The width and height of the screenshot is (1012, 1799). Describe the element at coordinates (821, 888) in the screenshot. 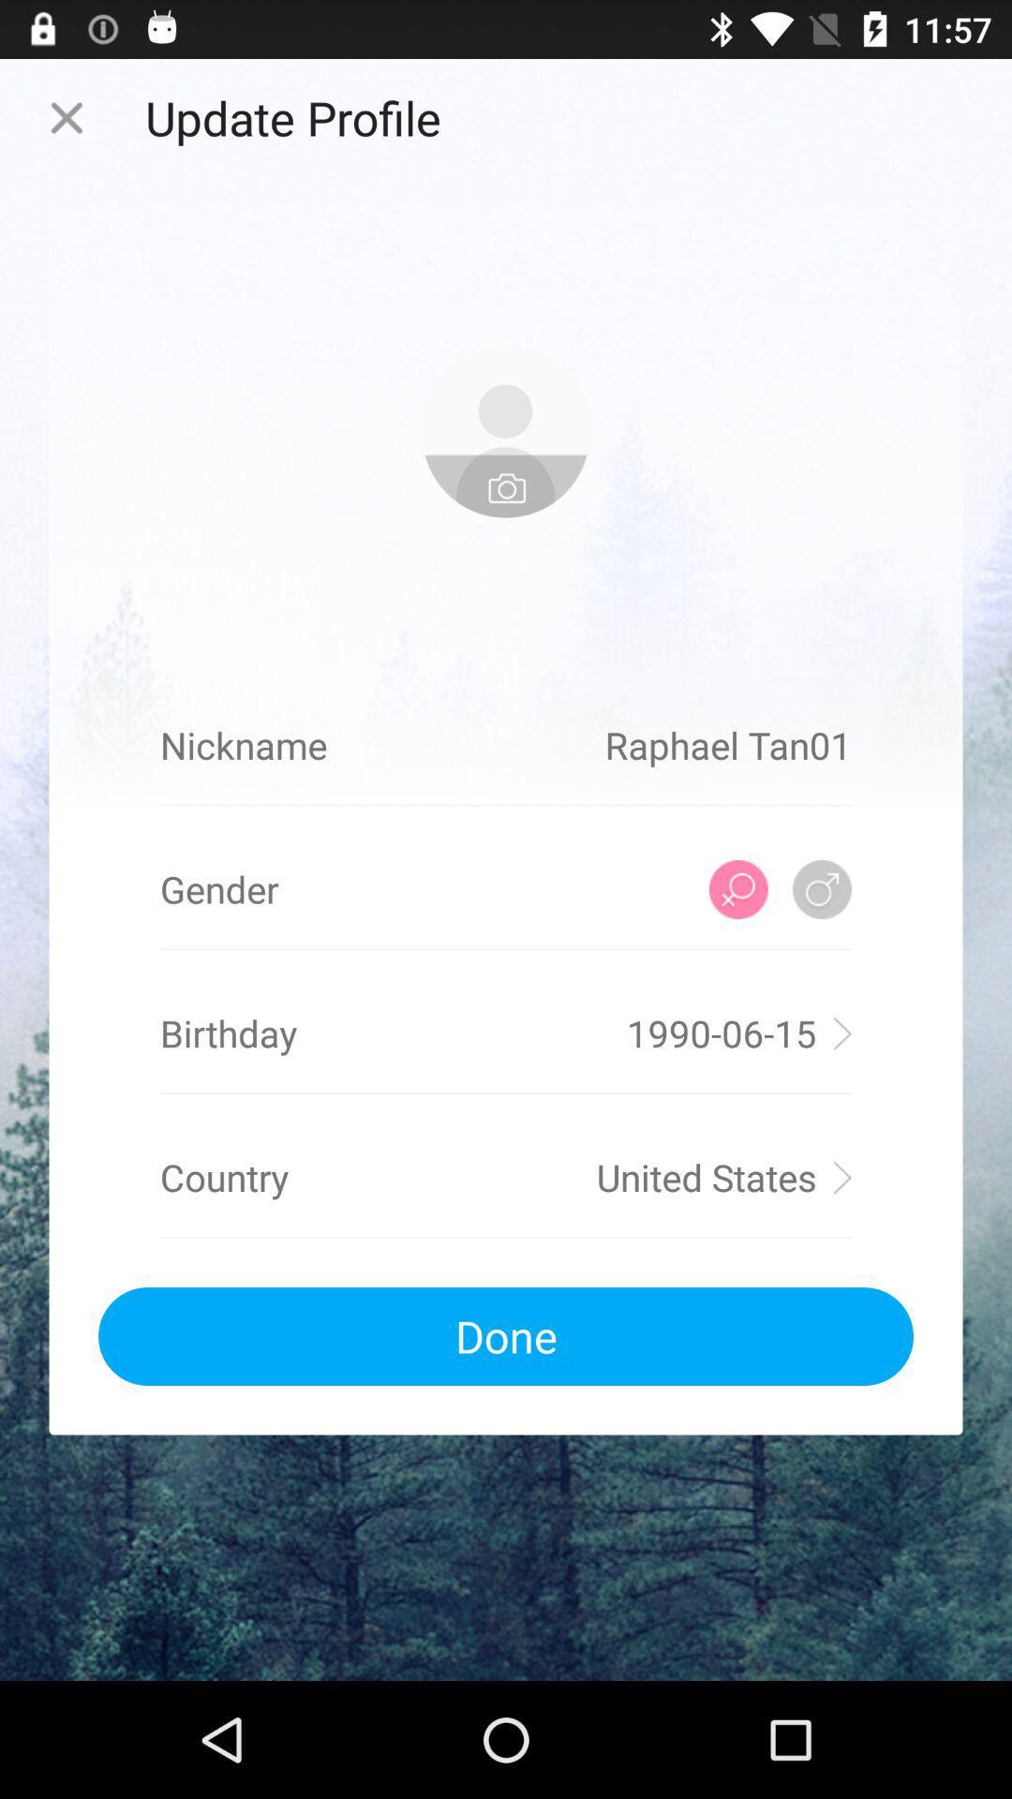

I see `male gender` at that location.